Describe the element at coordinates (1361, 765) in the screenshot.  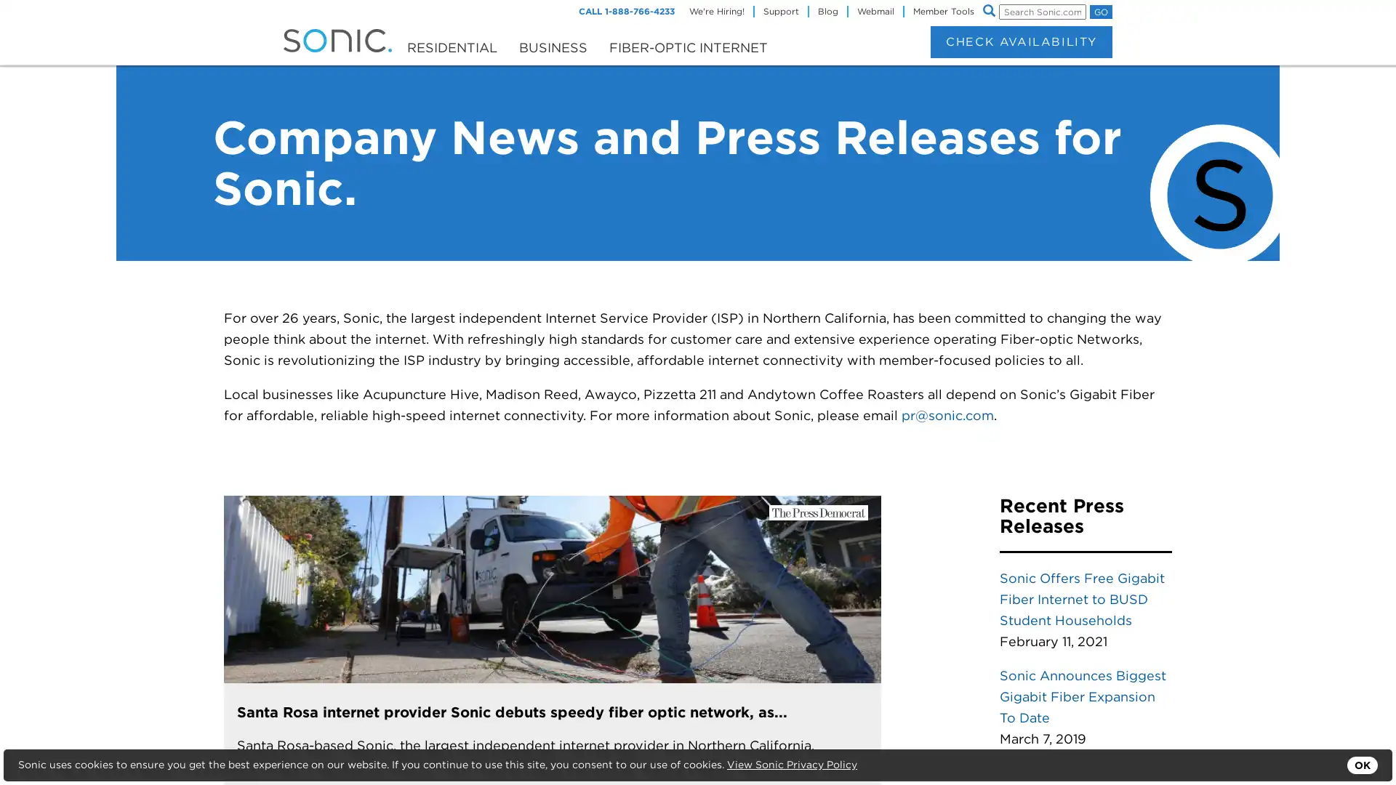
I see `OK` at that location.